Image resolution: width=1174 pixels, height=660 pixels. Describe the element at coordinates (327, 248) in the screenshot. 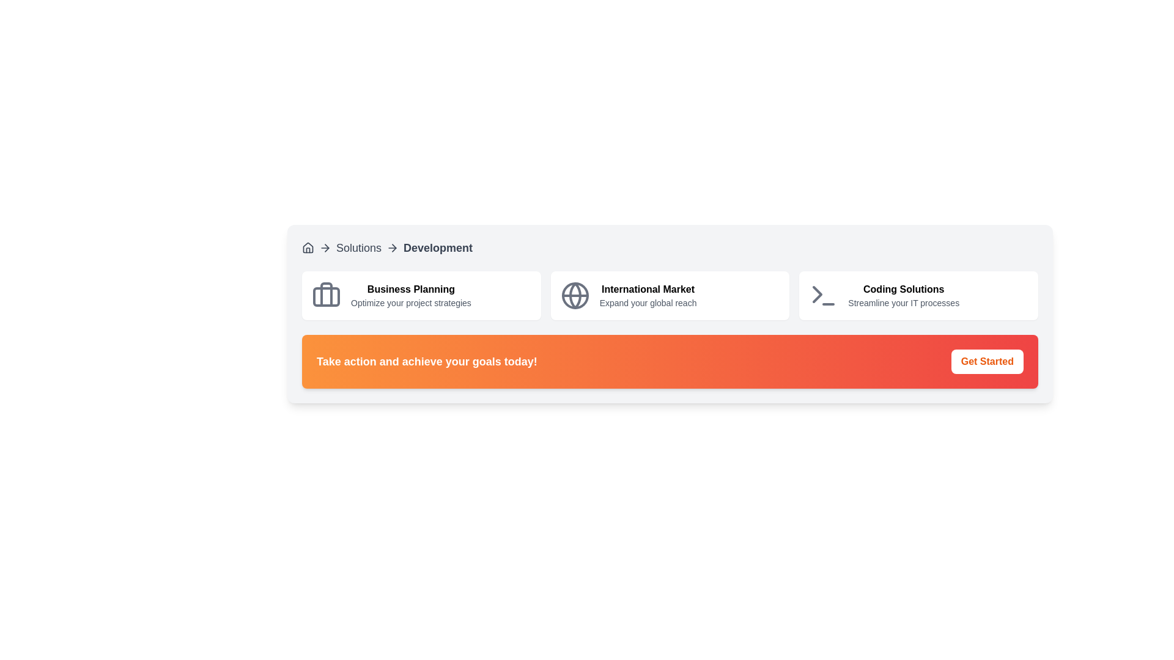

I see `the right-pointing arrow icon in the navigation breadcrumb trail, which is located right after the 'Solutions' text and before the 'Development' text` at that location.